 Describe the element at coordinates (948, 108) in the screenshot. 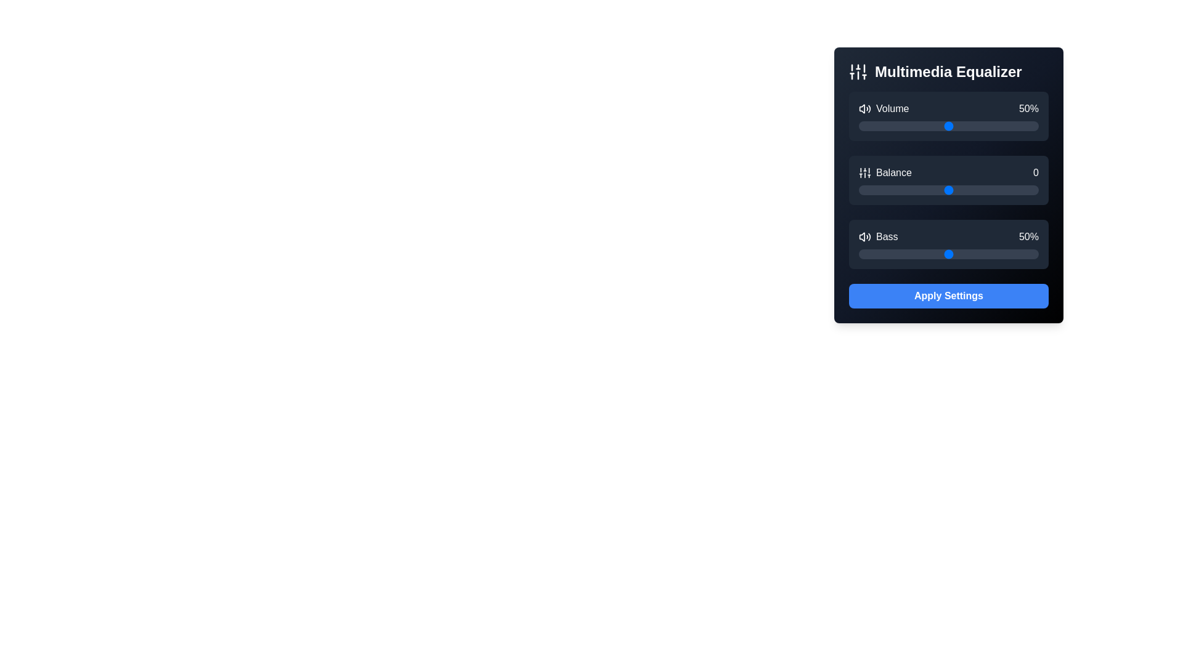

I see `the non-interactive Informational display showing the current volume level within the 'Multimedia Equalizer' panel` at that location.